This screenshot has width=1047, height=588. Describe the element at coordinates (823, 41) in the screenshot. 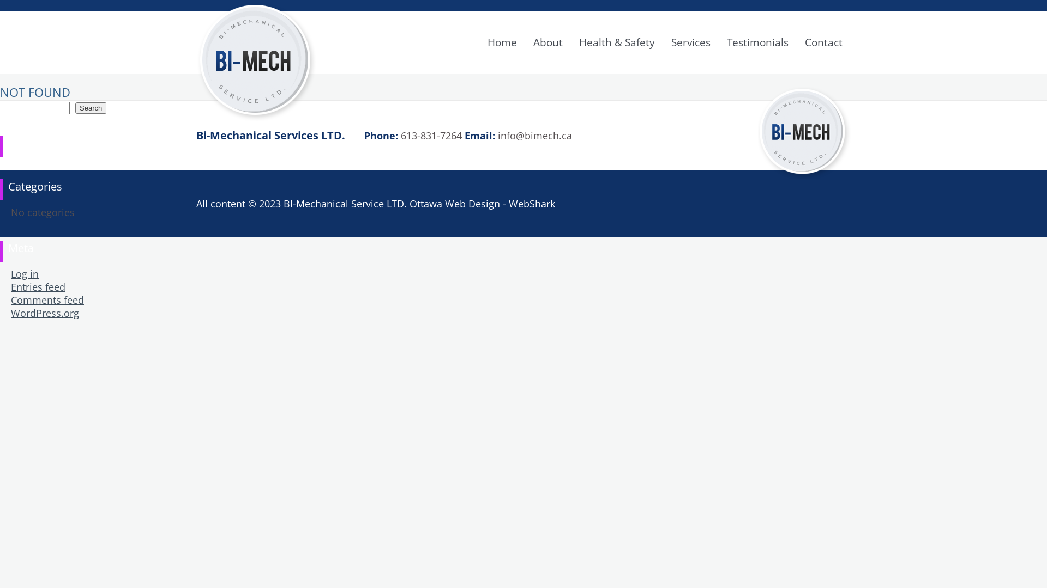

I see `'Contact'` at that location.